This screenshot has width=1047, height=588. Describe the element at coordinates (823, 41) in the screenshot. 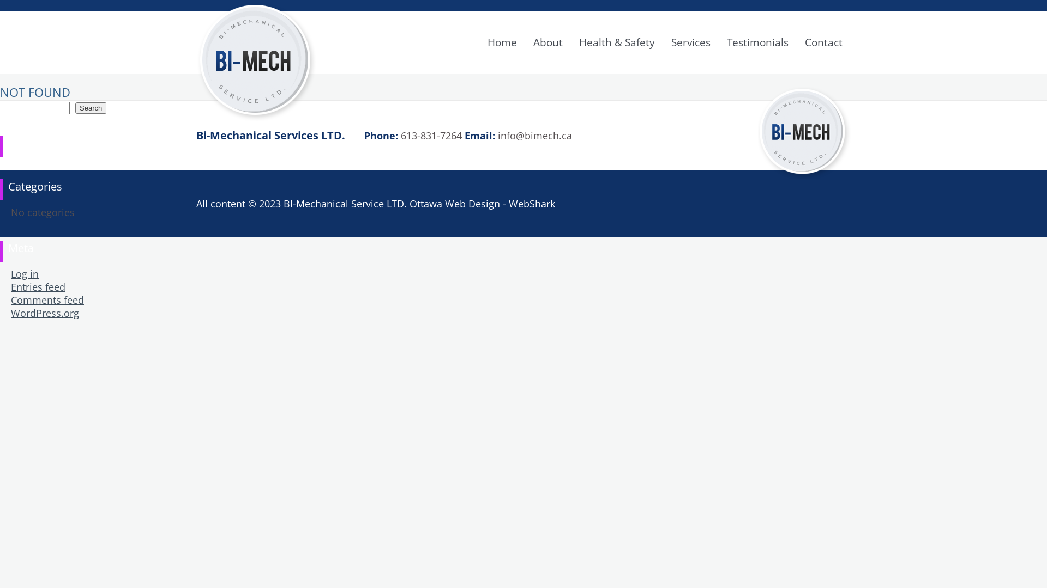

I see `'Contact'` at that location.